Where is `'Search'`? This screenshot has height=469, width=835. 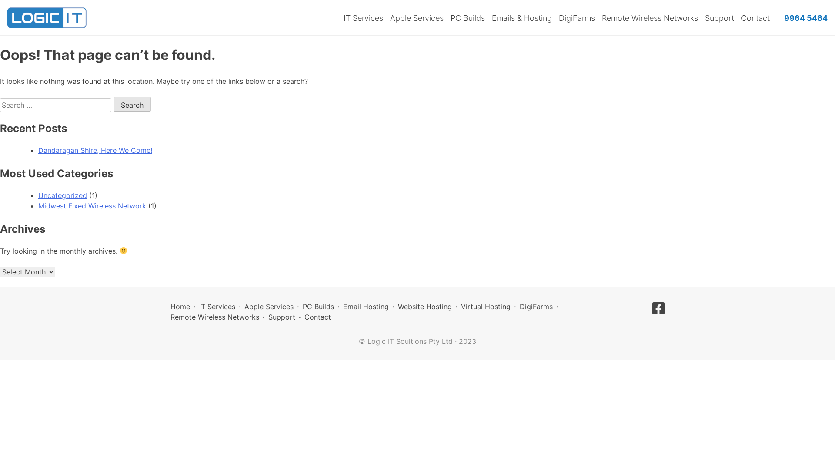 'Search' is located at coordinates (131, 103).